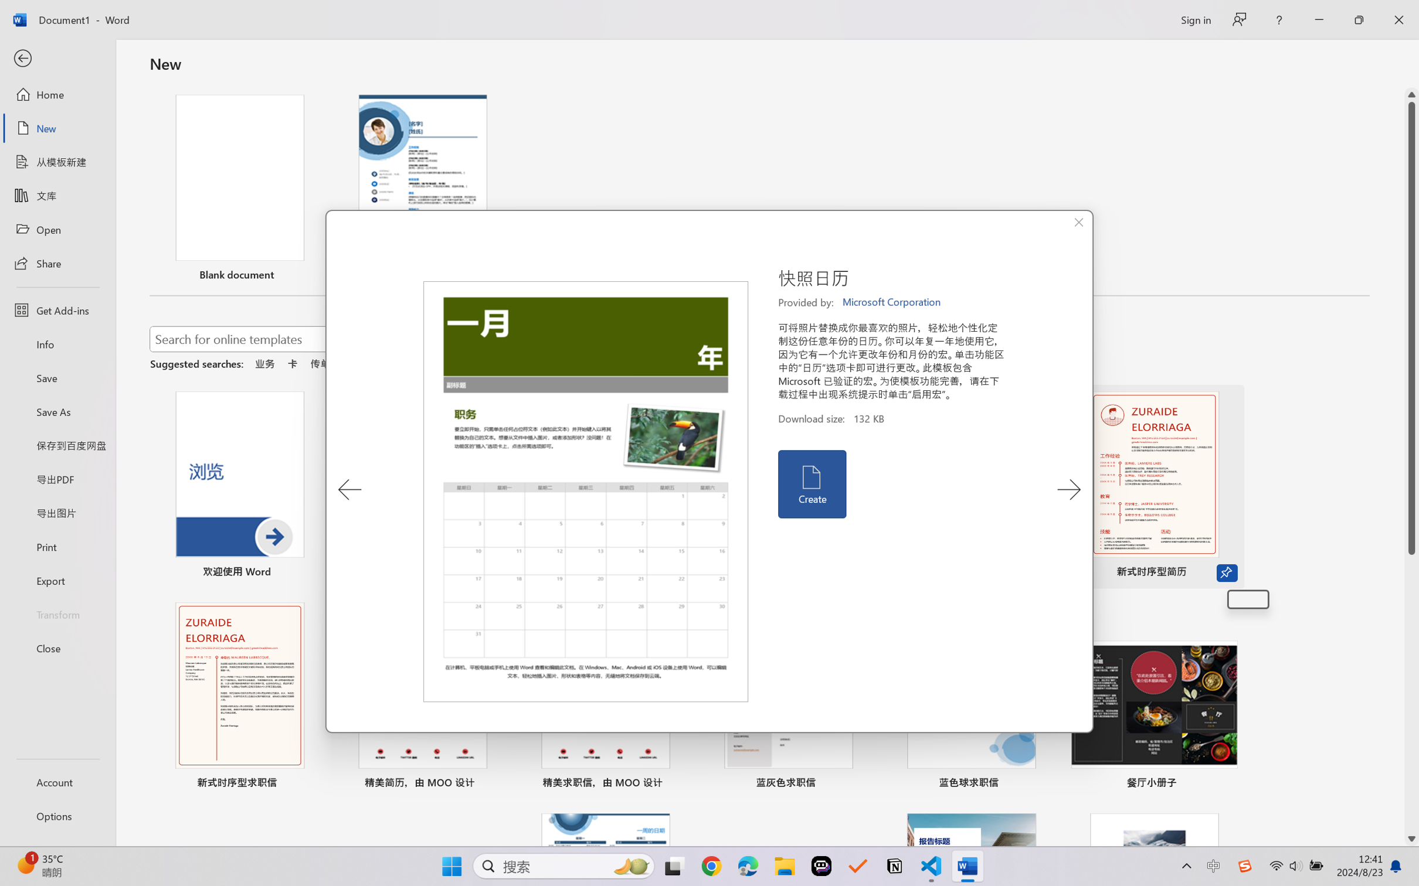  What do you see at coordinates (349, 489) in the screenshot?
I see `'Previous Template'` at bounding box center [349, 489].